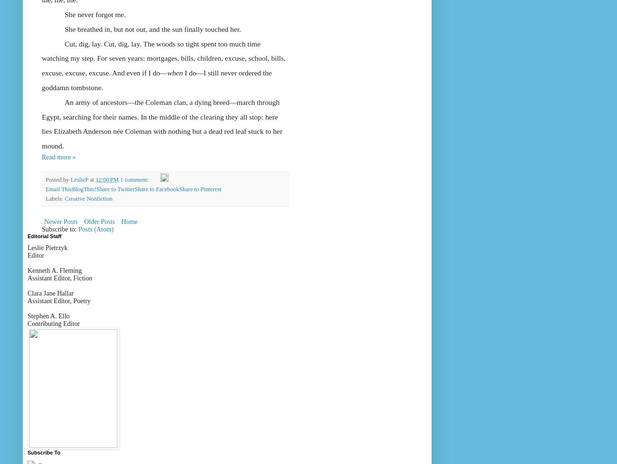 The height and width of the screenshot is (464, 617). Describe the element at coordinates (118, 130) in the screenshot. I see `'née'` at that location.